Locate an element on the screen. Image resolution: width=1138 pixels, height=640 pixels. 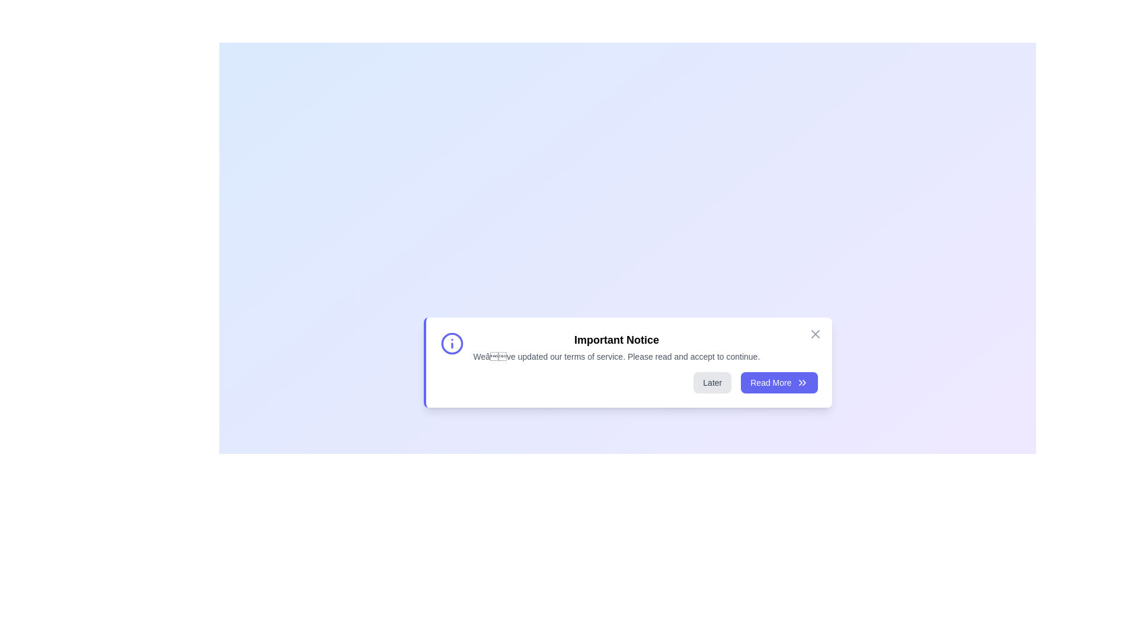
close button to dismiss the notification is located at coordinates (814, 334).